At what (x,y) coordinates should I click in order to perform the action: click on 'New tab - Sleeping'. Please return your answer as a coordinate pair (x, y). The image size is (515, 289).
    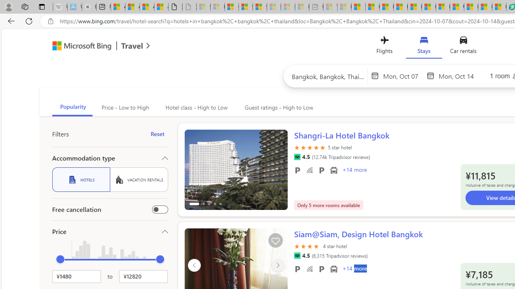
    Looking at the image, I should click on (315, 7).